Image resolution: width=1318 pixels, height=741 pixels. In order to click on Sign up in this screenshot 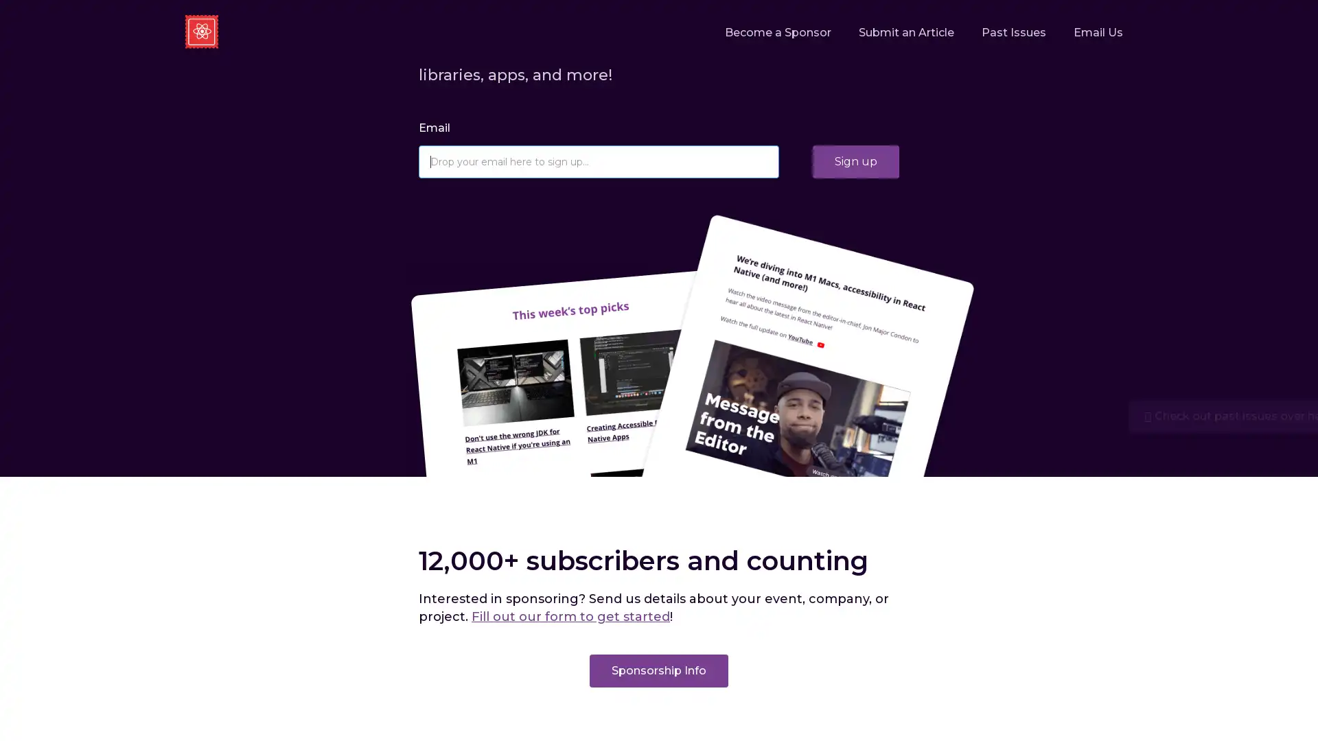, I will do `click(855, 161)`.